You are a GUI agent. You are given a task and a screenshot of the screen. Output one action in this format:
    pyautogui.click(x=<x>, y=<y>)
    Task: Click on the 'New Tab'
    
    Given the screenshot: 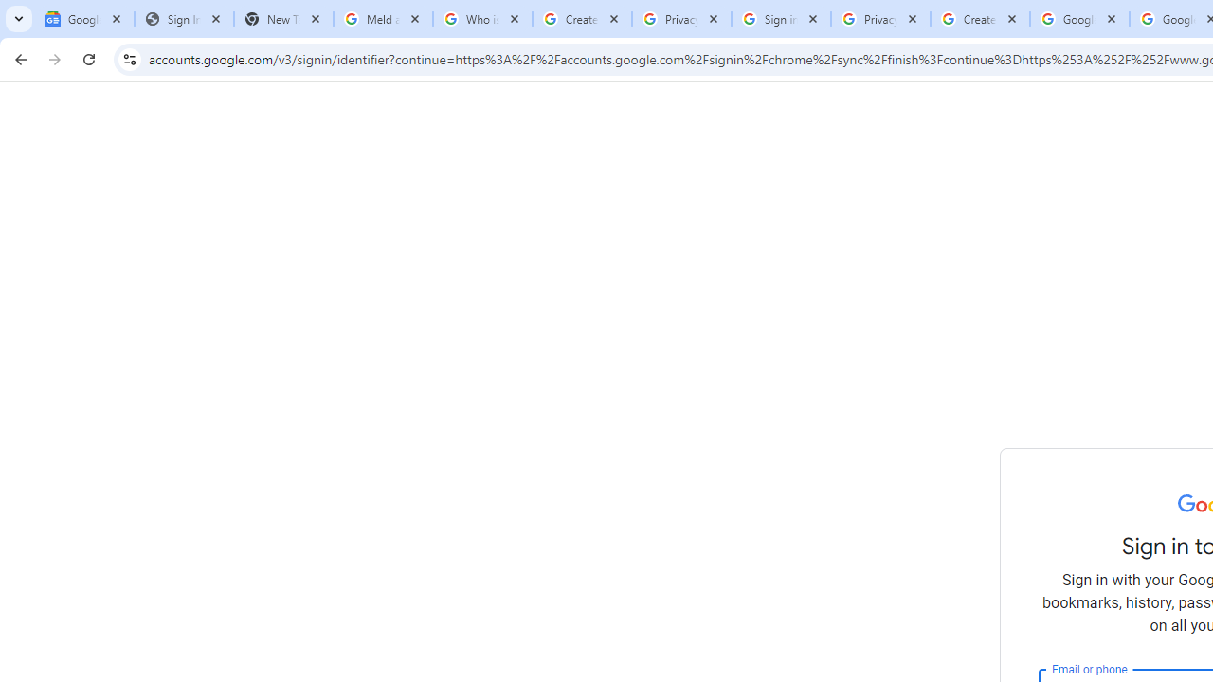 What is the action you would take?
    pyautogui.click(x=282, y=19)
    